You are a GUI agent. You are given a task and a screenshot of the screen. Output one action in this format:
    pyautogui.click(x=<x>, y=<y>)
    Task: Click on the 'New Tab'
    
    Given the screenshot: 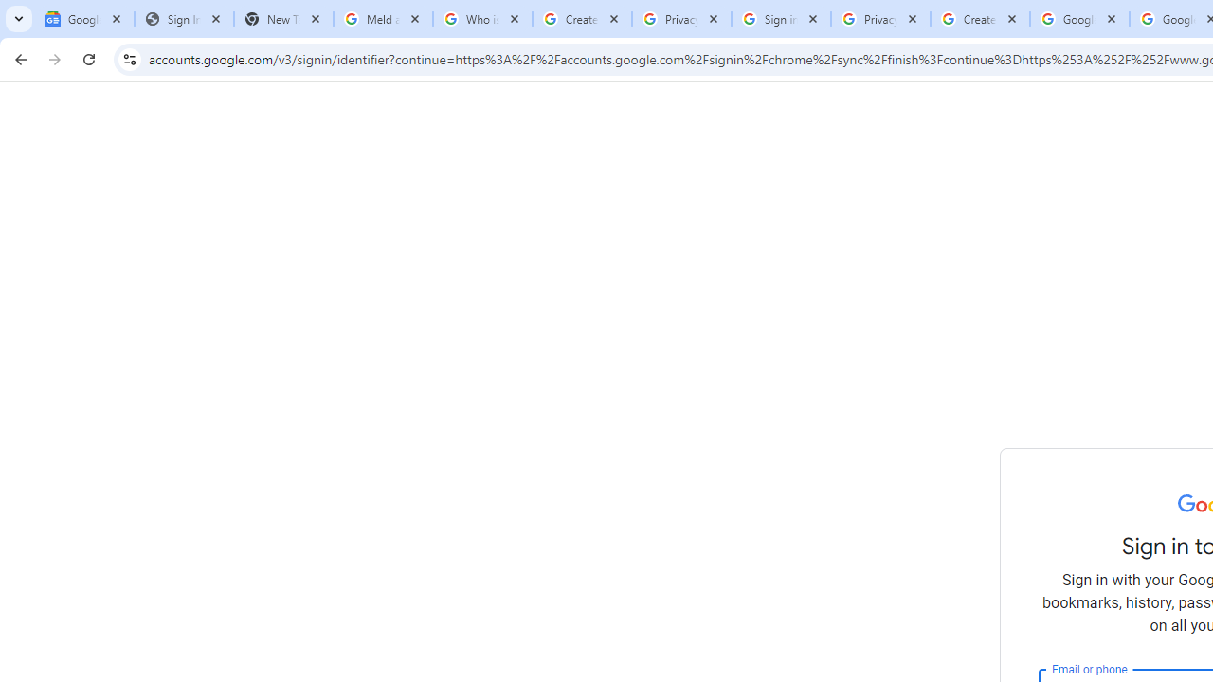 What is the action you would take?
    pyautogui.click(x=282, y=19)
    